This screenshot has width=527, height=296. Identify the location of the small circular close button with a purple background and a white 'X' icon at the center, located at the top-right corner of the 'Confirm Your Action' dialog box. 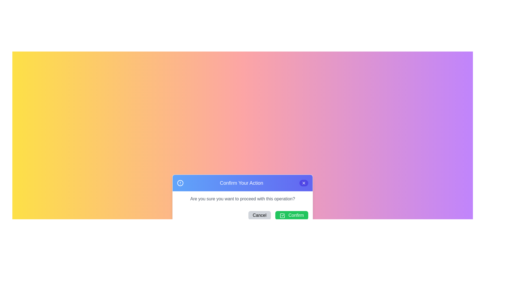
(304, 183).